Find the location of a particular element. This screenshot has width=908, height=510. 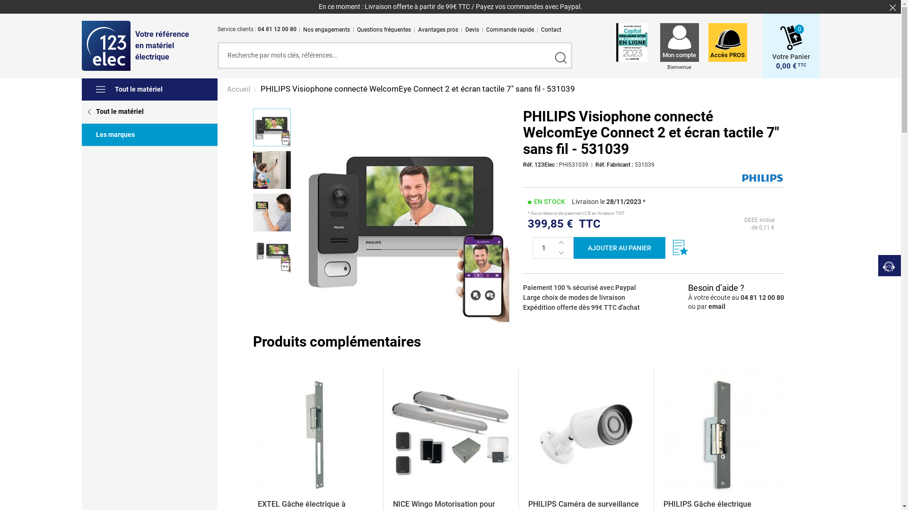

'Accueil' is located at coordinates (240, 89).